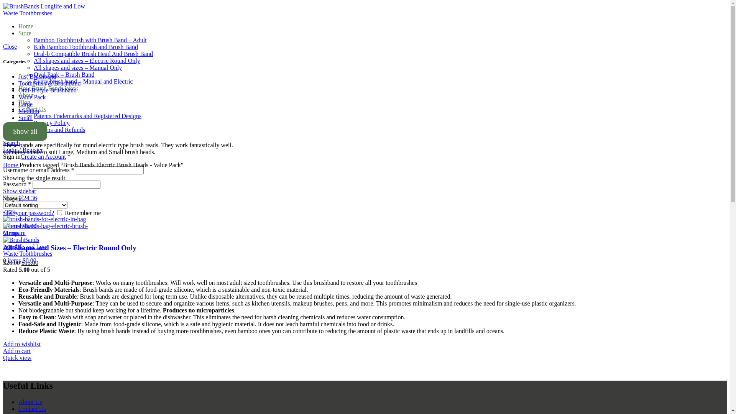 Image resolution: width=736 pixels, height=414 pixels. Describe the element at coordinates (26, 95) in the screenshot. I see `'About'` at that location.